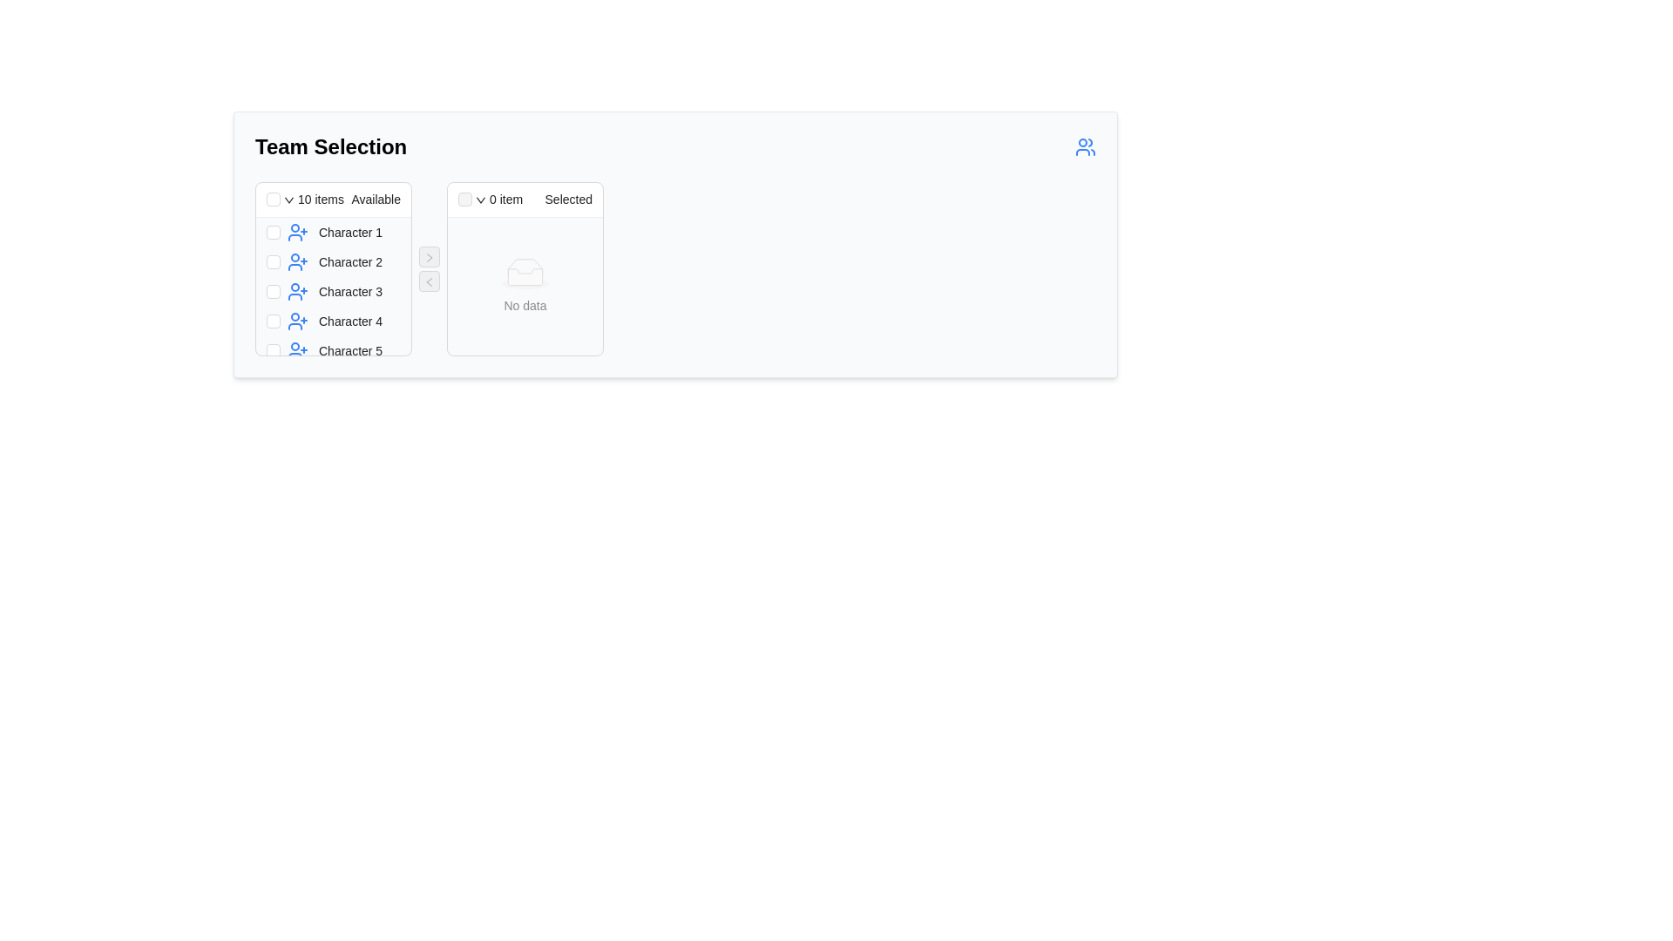 The image size is (1673, 941). Describe the element at coordinates (349, 350) in the screenshot. I see `the fifth text label in the 'Available' group of the 'Team Selection' panel, which identifies a selectable item below 'Character 4'` at that location.